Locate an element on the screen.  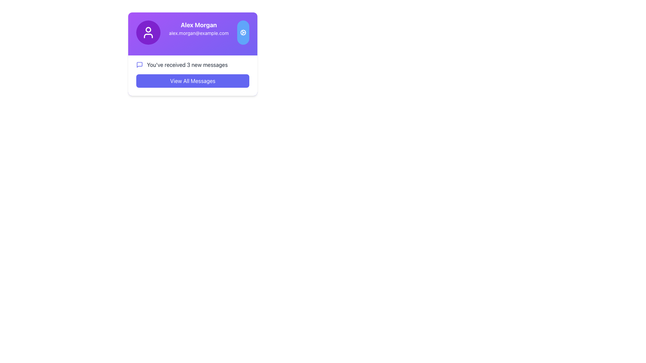
the notification label that informs the user about the number of new messages received, positioned below the message icon and above the styled button is located at coordinates (187, 65).